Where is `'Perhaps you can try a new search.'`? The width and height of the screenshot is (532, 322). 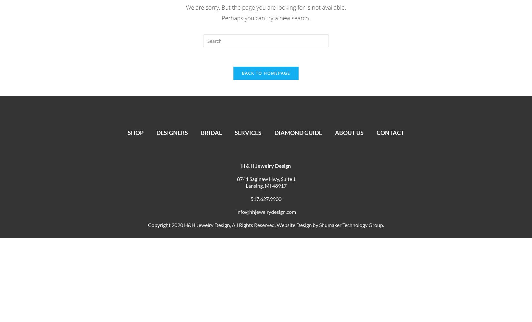 'Perhaps you can try a new search.' is located at coordinates (265, 18).